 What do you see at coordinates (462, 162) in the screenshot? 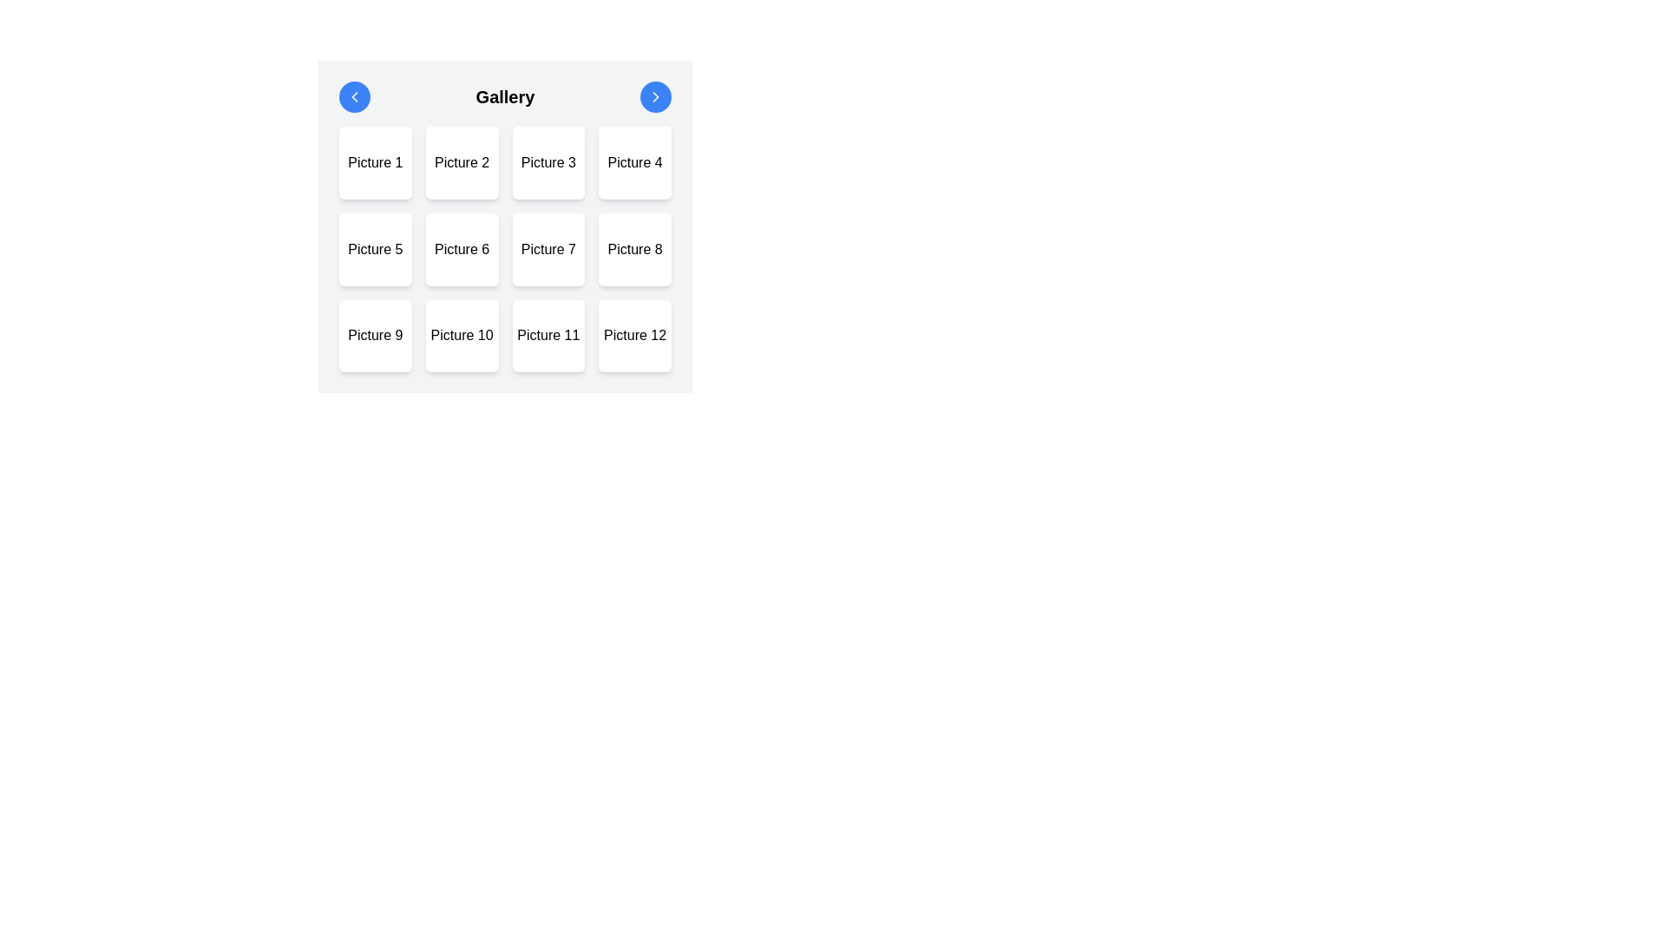
I see `the 'Picture 2' button, which is a square button with rounded edges and a white background, located in the first row of a 4x3 grid layout` at bounding box center [462, 162].